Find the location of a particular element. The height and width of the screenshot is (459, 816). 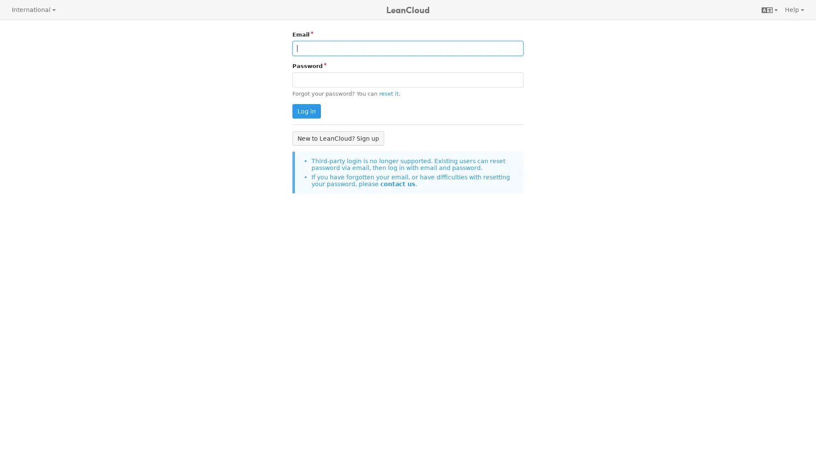

New to LeanCloud? Sign up is located at coordinates (338, 138).